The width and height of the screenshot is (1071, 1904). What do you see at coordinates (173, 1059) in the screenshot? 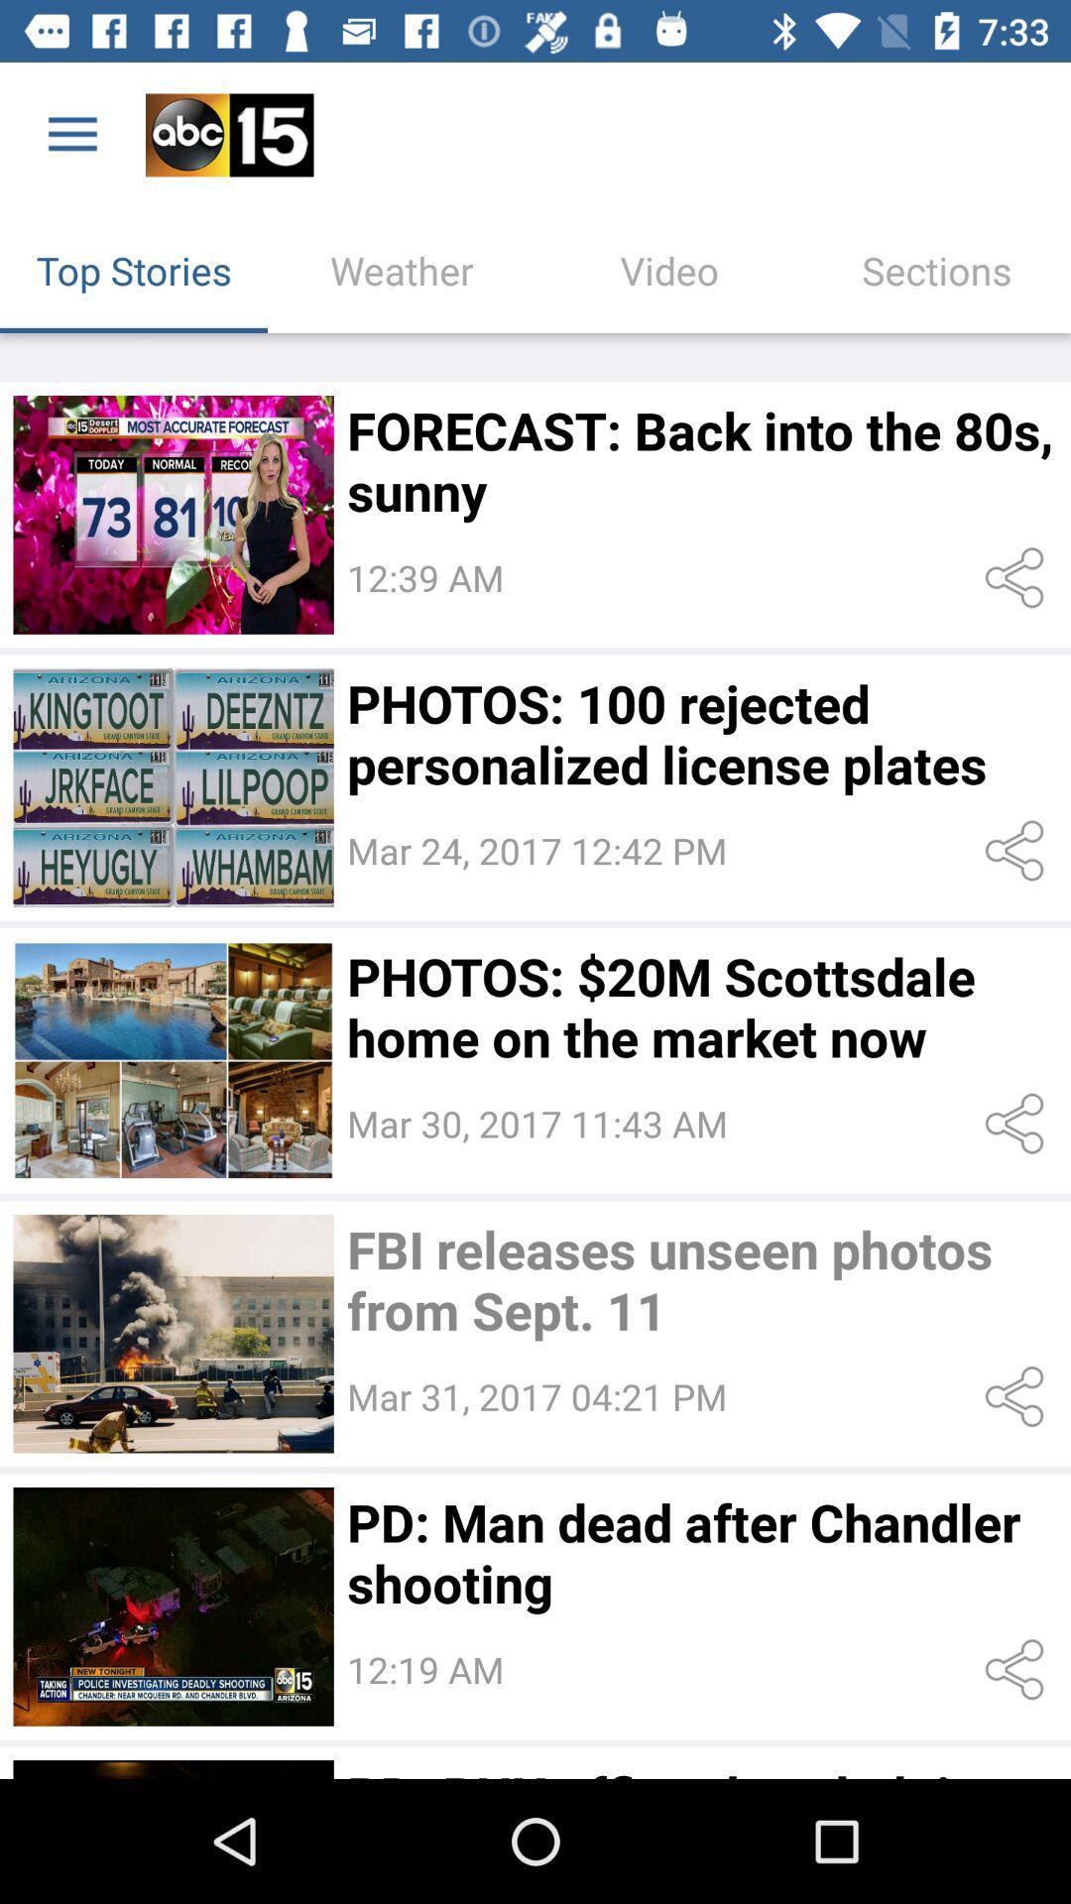
I see `more info` at bounding box center [173, 1059].